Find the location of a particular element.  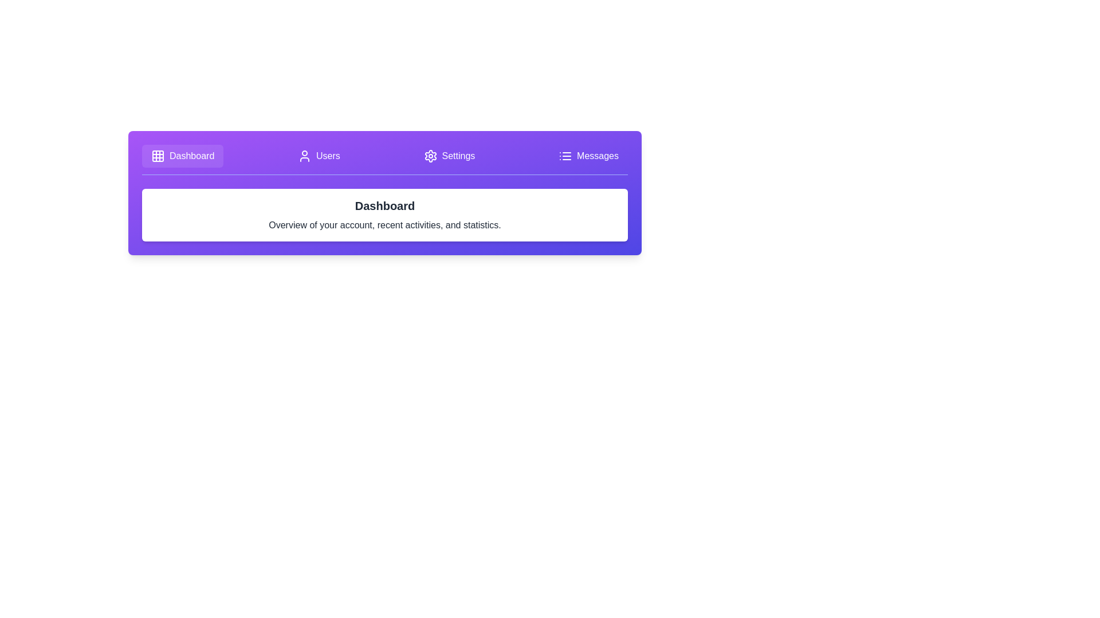

the Dashboard icon located at the top left area of the interface, which is visually separated from the 'Users' navigation option is located at coordinates (157, 156).